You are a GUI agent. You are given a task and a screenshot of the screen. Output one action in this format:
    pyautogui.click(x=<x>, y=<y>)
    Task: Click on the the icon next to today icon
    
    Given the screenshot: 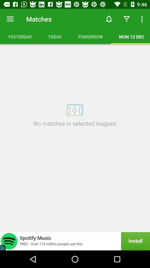 What is the action you would take?
    pyautogui.click(x=90, y=36)
    